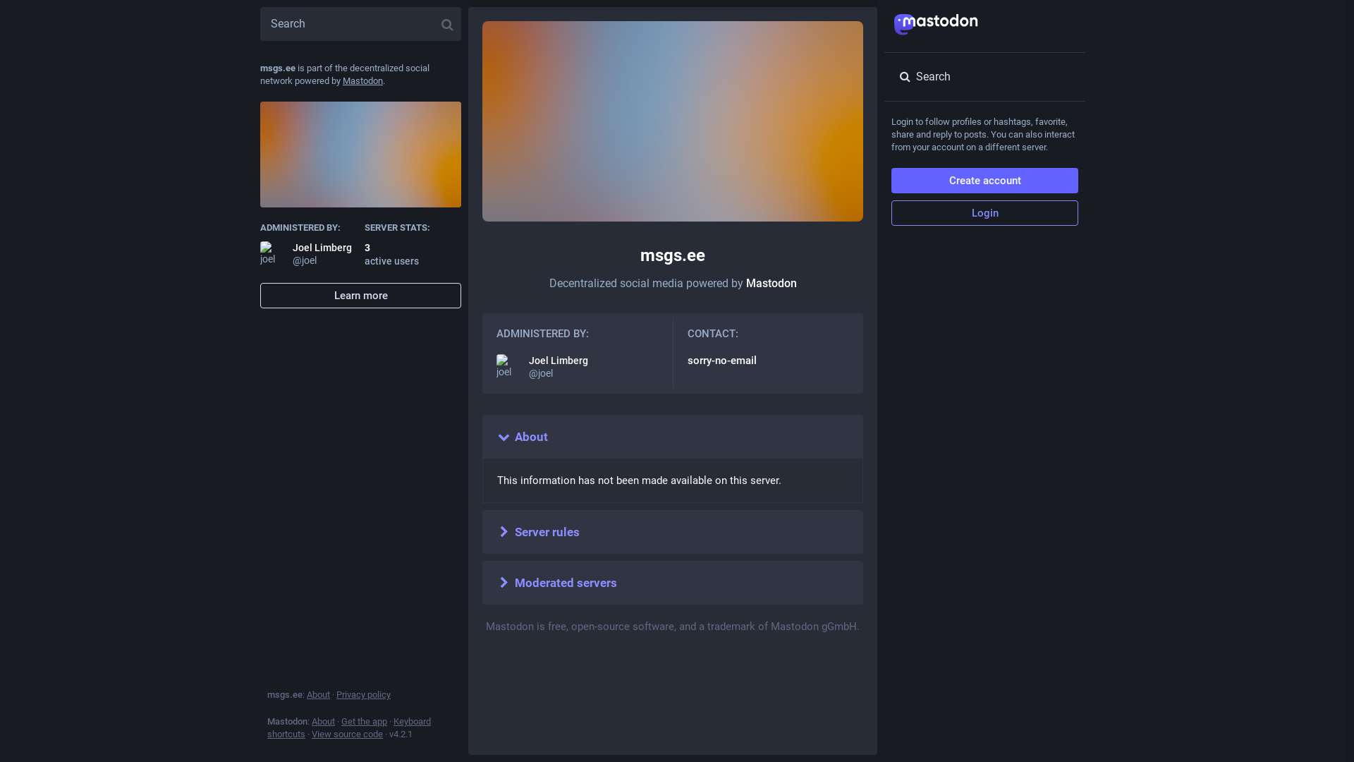  What do you see at coordinates (362, 80) in the screenshot?
I see `'Mastodon'` at bounding box center [362, 80].